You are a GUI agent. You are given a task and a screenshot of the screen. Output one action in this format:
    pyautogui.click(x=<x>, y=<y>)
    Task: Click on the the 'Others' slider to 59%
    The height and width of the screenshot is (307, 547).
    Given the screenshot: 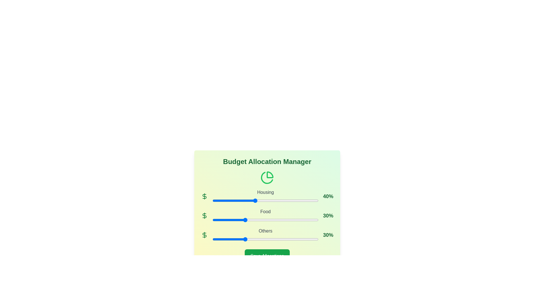 What is the action you would take?
    pyautogui.click(x=275, y=239)
    